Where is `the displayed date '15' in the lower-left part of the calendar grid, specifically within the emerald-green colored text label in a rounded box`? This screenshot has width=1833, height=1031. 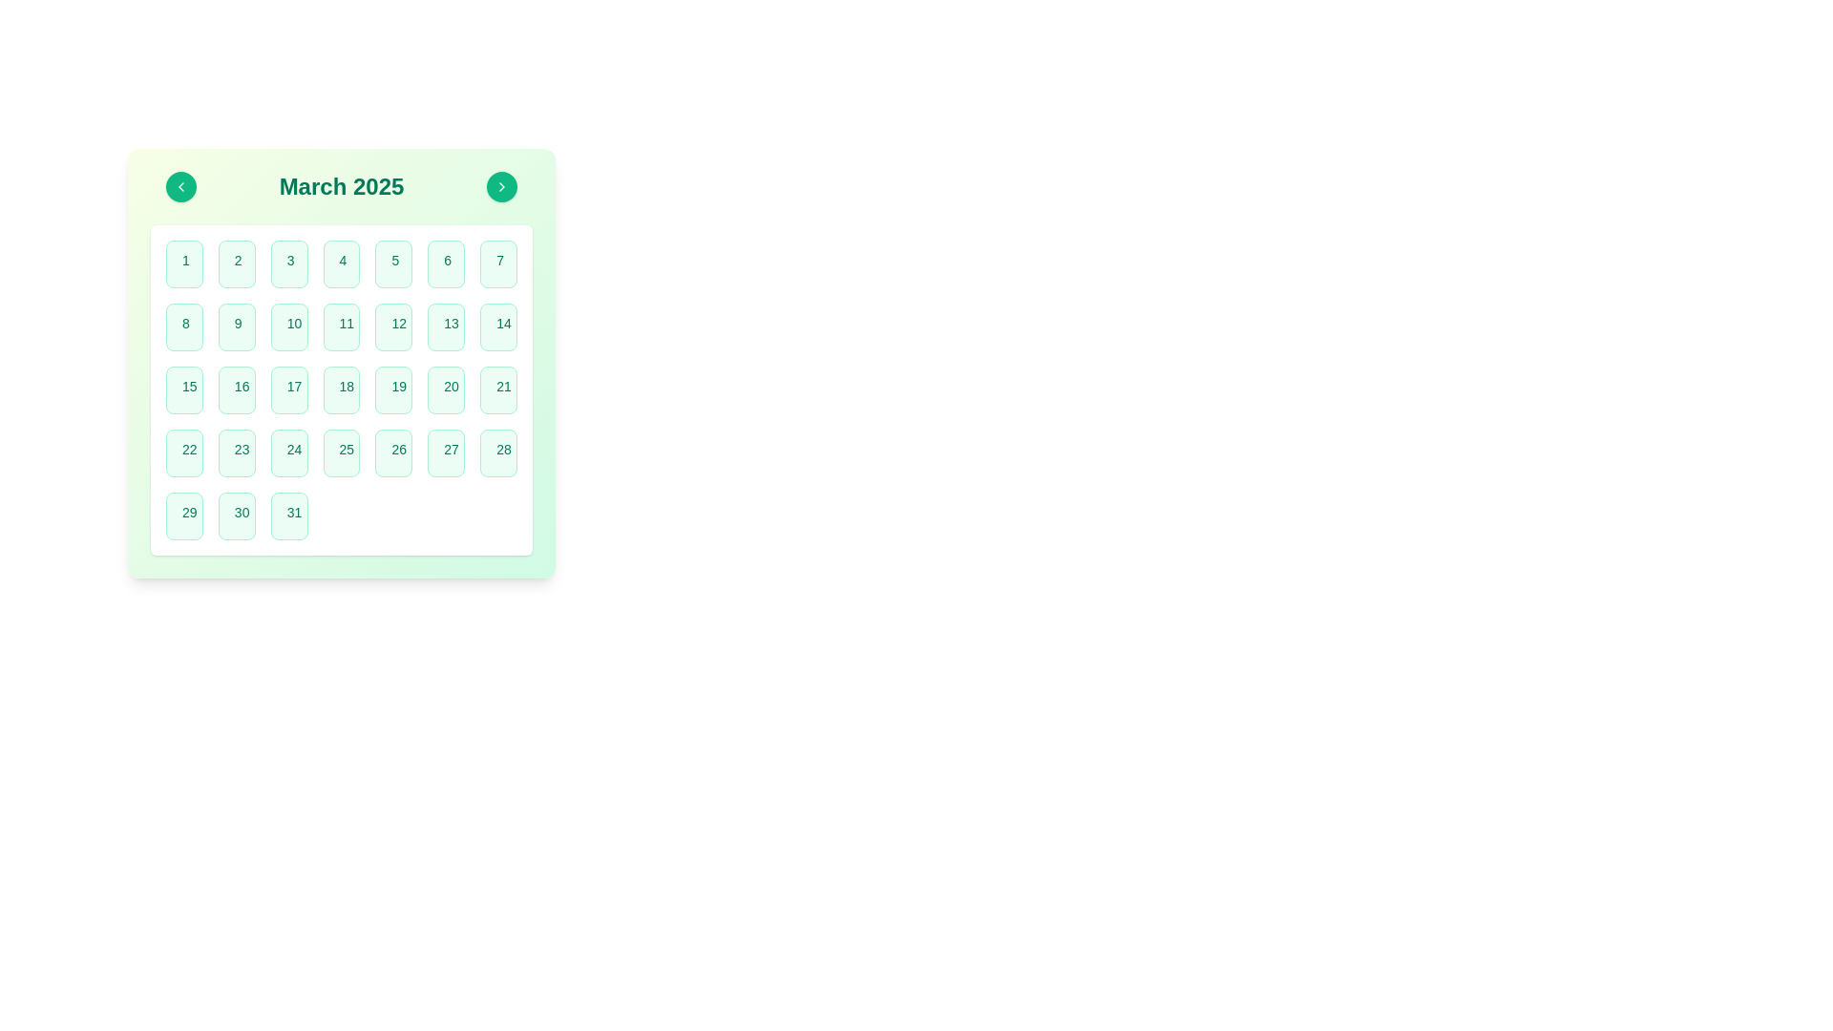 the displayed date '15' in the lower-left part of the calendar grid, specifically within the emerald-green colored text label in a rounded box is located at coordinates (189, 387).